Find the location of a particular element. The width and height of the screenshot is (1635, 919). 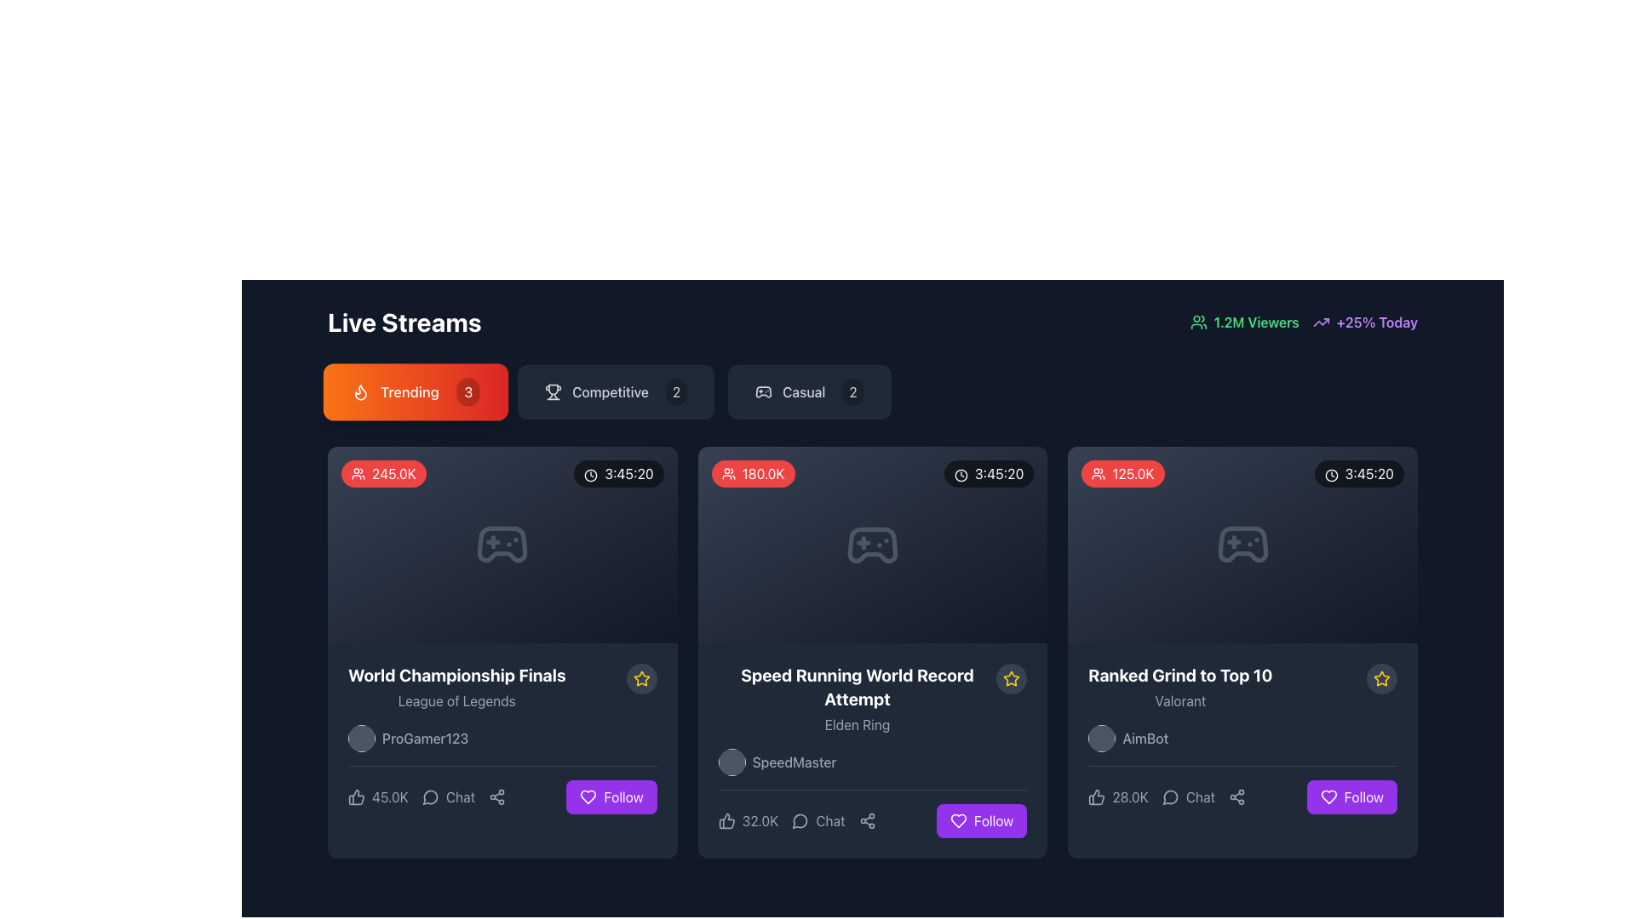

the 'Share' option on the first Interactive card in the grid layout, which serves as a live stream preview, positioned in the top-left corner below the 'Trending' tab is located at coordinates (502, 652).